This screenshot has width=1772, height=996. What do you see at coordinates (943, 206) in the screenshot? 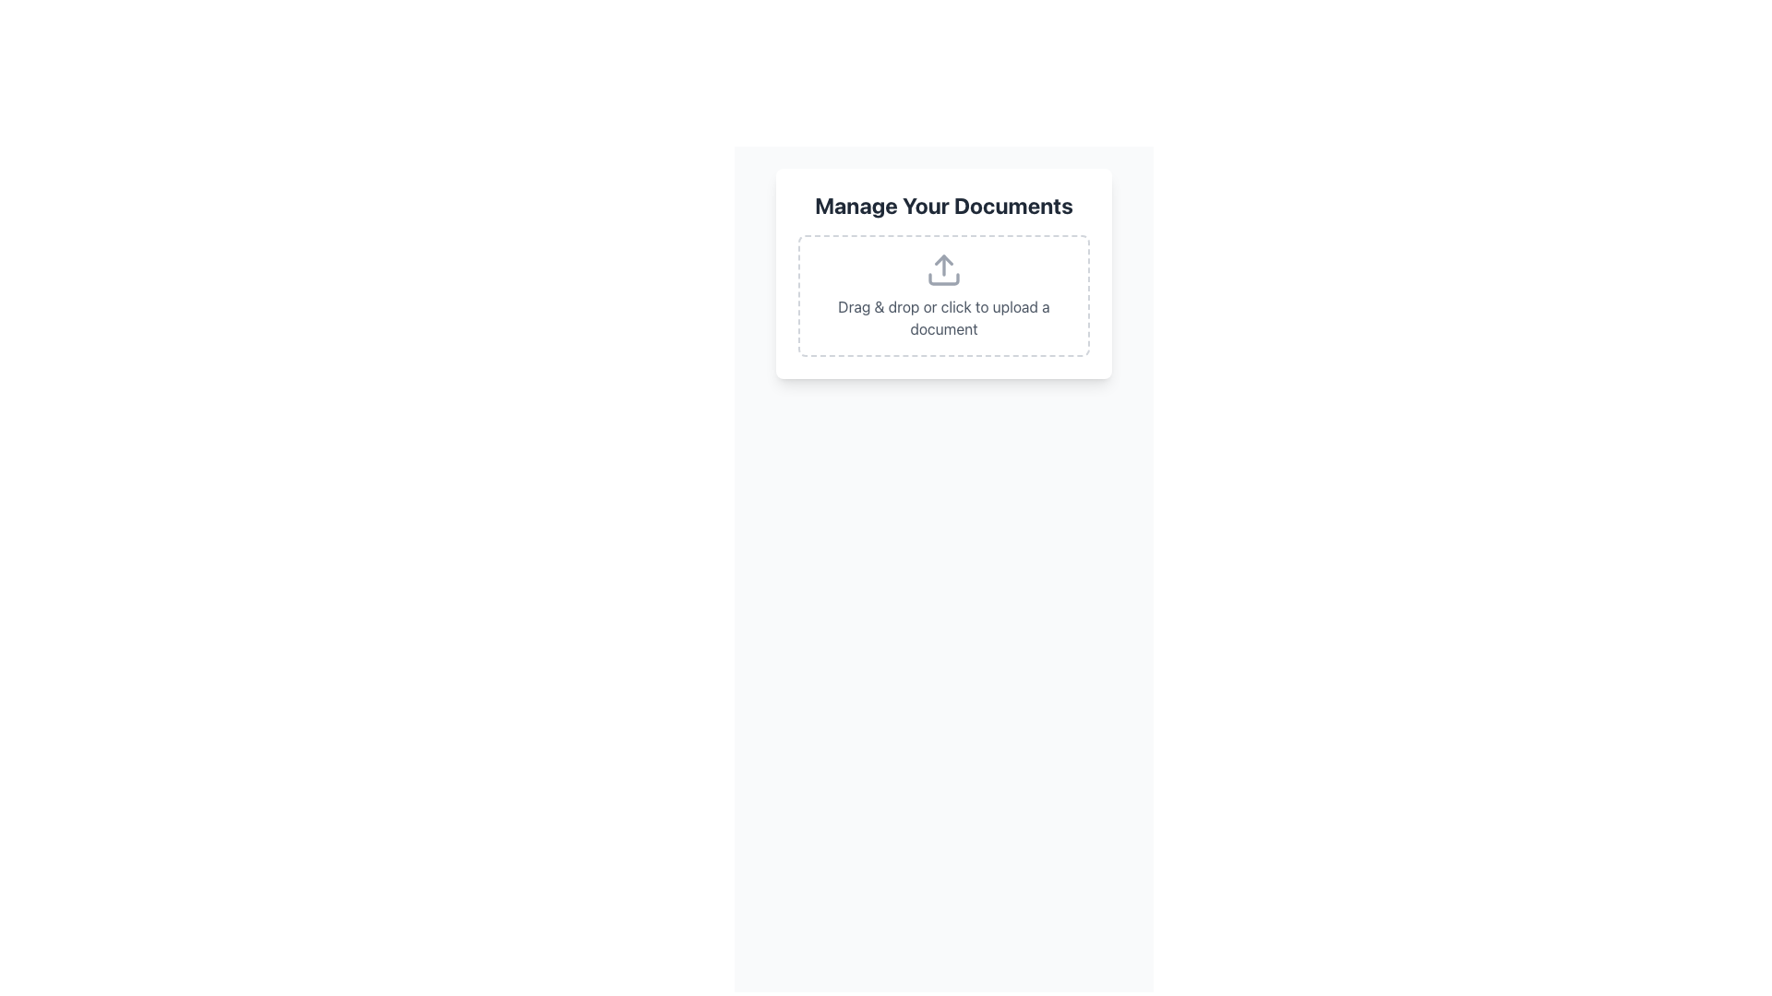
I see `the static text element that serves as the title for the document management section, located at the top center of the card structure` at bounding box center [943, 206].